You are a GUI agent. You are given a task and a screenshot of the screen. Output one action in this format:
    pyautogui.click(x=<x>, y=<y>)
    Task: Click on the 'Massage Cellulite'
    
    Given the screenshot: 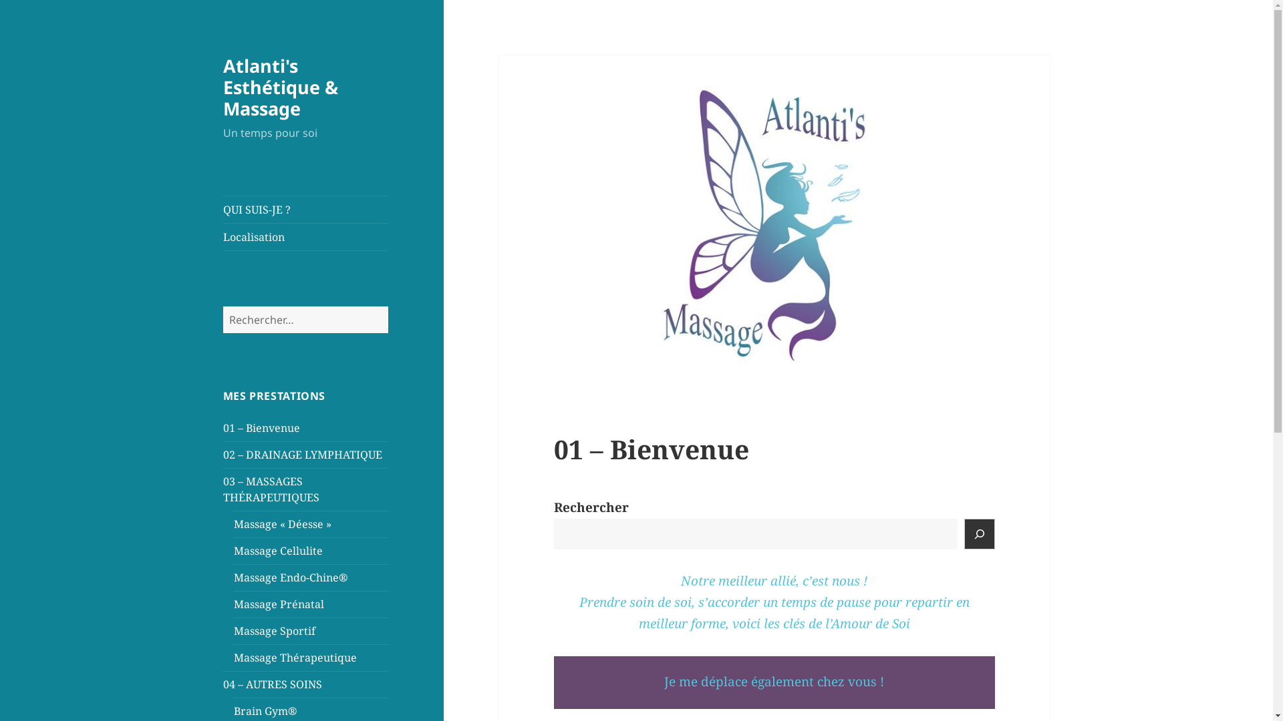 What is the action you would take?
    pyautogui.click(x=277, y=551)
    